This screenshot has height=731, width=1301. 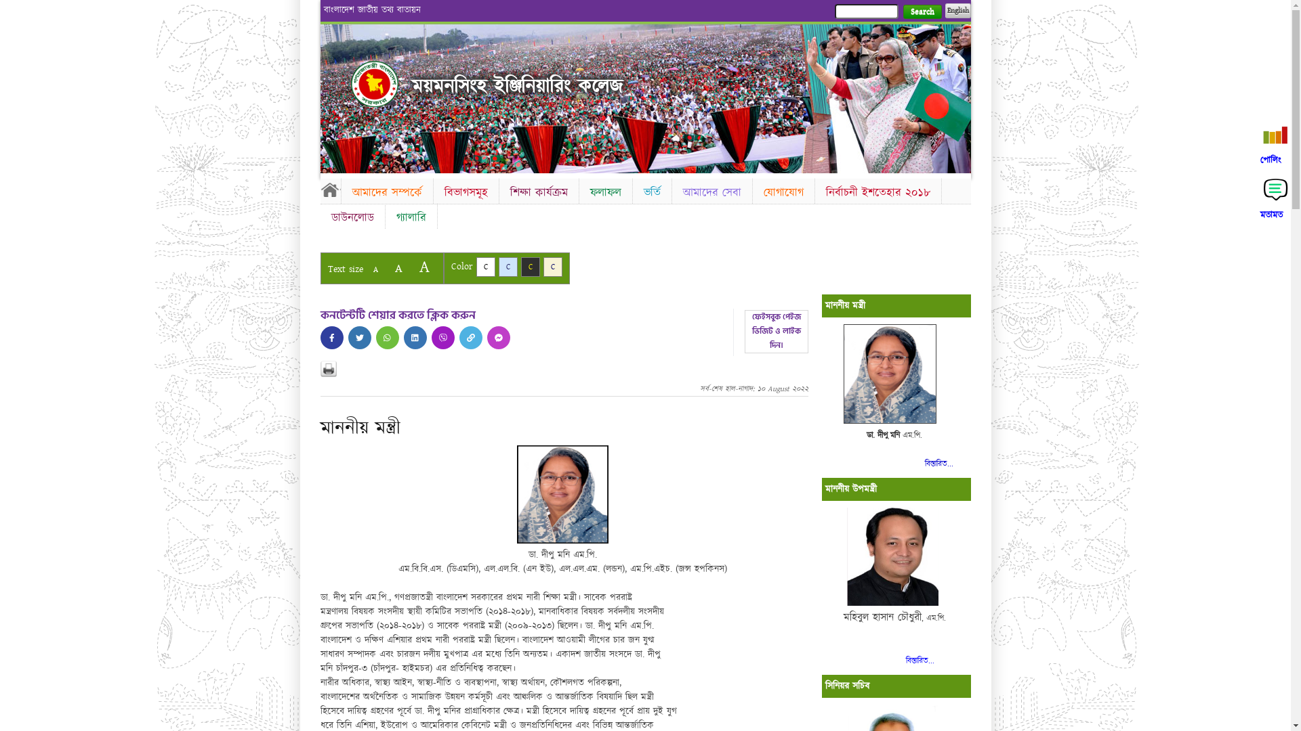 I want to click on 'Search', so click(x=922, y=12).